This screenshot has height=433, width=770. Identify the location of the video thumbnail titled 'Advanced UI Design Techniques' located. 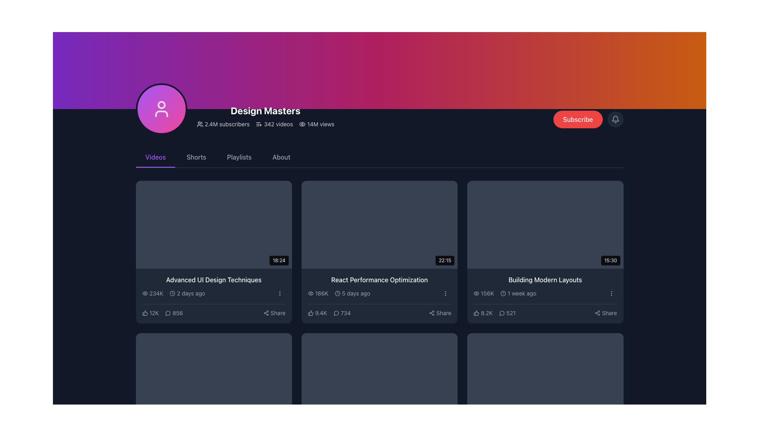
(214, 225).